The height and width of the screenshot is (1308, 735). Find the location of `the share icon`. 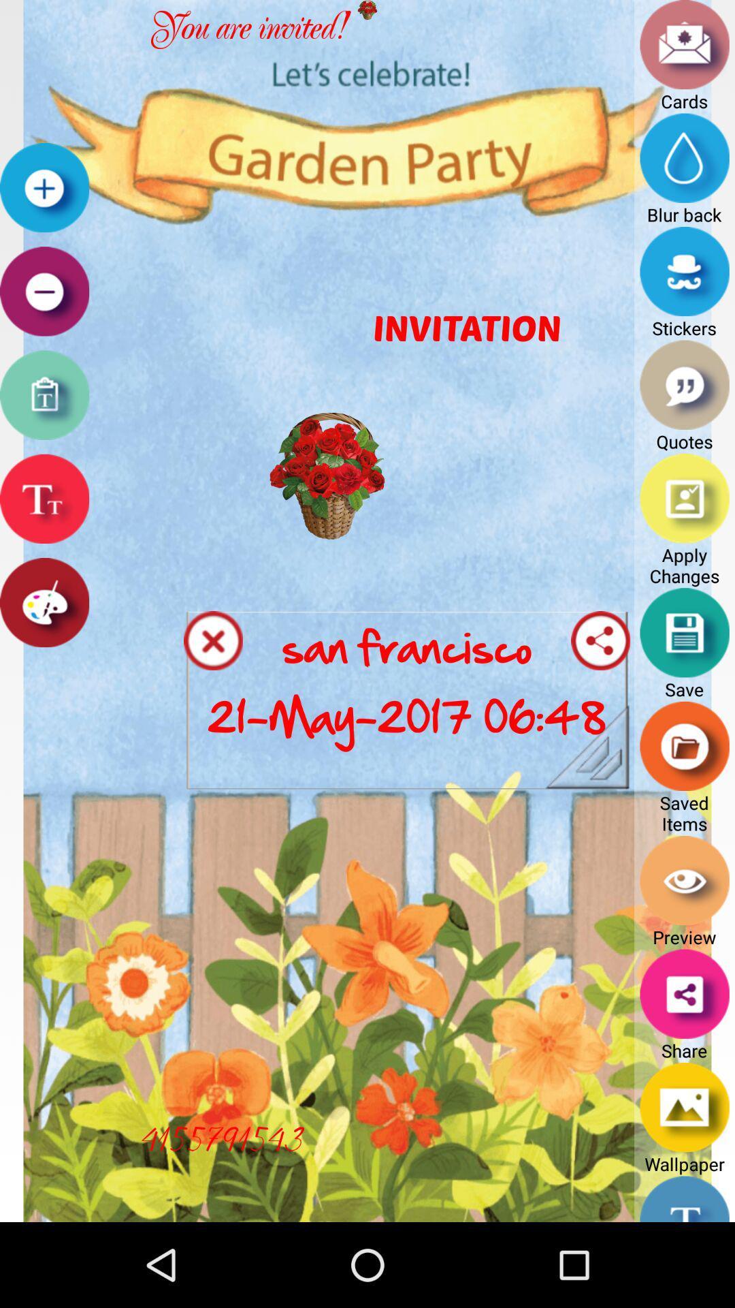

the share icon is located at coordinates (600, 685).